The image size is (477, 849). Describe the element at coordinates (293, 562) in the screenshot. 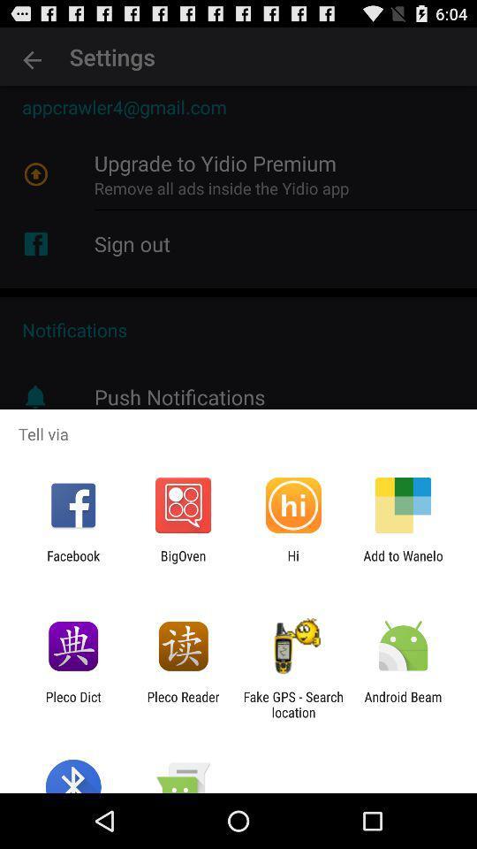

I see `the icon next to the add to wanelo item` at that location.